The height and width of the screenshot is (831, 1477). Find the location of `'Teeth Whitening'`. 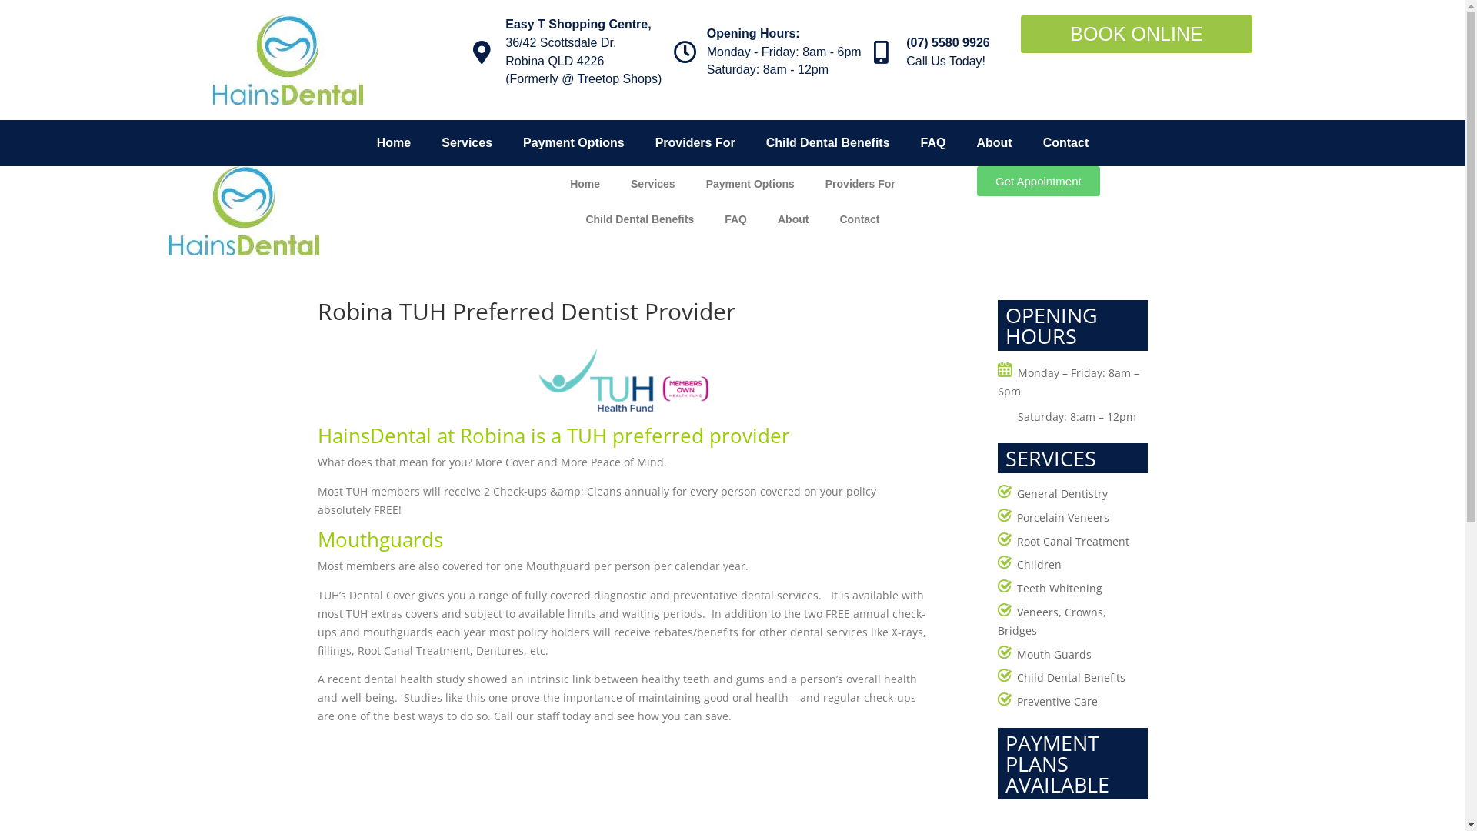

'Teeth Whitening' is located at coordinates (1059, 588).